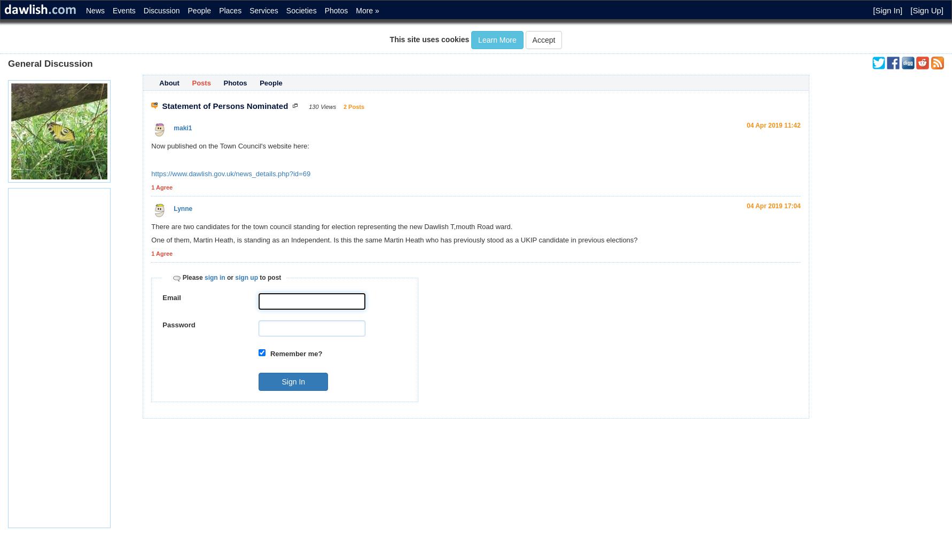 This screenshot has height=534, width=952. I want to click on 'Email', so click(170, 297).